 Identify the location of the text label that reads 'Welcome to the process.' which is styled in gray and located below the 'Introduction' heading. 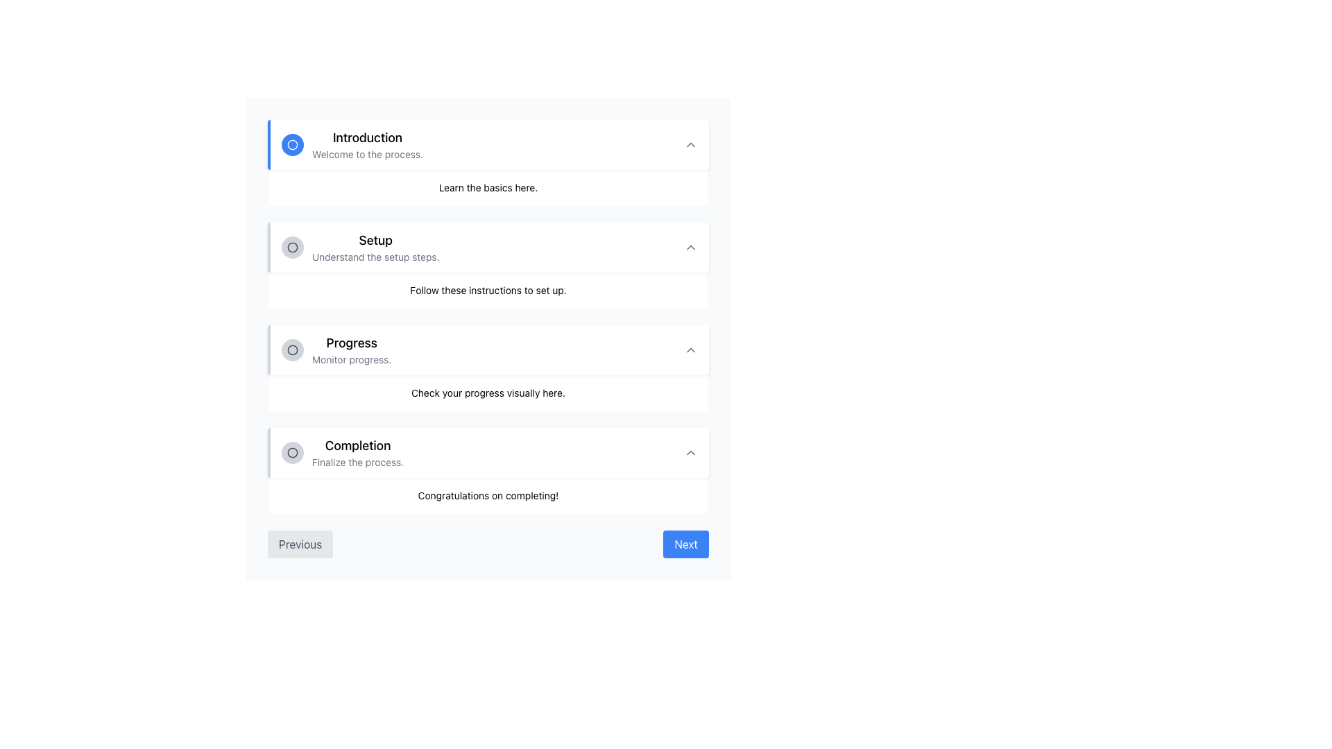
(368, 155).